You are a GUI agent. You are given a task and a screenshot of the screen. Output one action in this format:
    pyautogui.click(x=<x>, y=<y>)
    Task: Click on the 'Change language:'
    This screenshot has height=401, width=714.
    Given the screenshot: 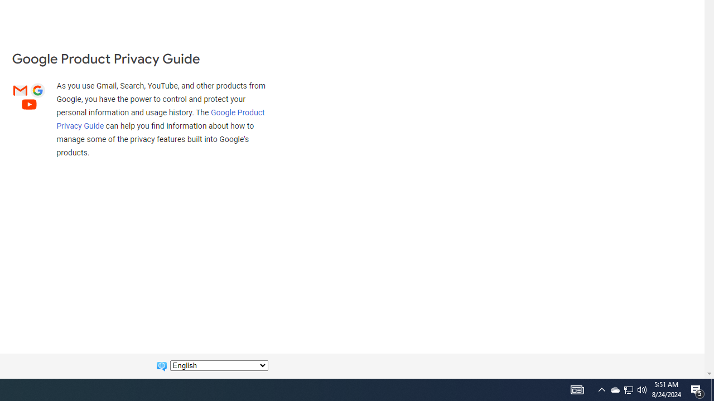 What is the action you would take?
    pyautogui.click(x=219, y=365)
    